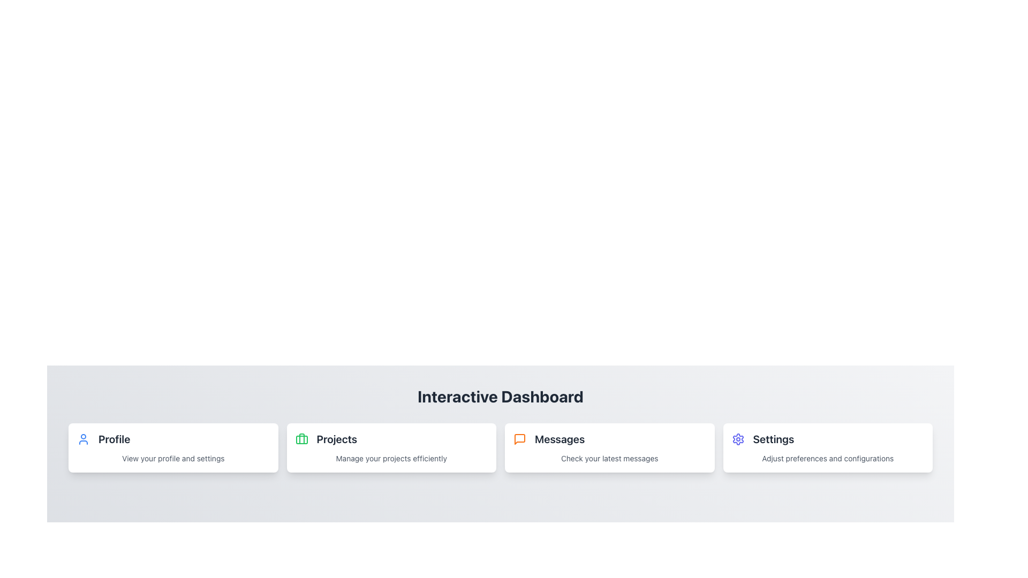 This screenshot has height=578, width=1028. I want to click on the center text label indicating the purpose of its containing section for accessing messages or notifications, positioned to the right of an orange icon, so click(559, 439).